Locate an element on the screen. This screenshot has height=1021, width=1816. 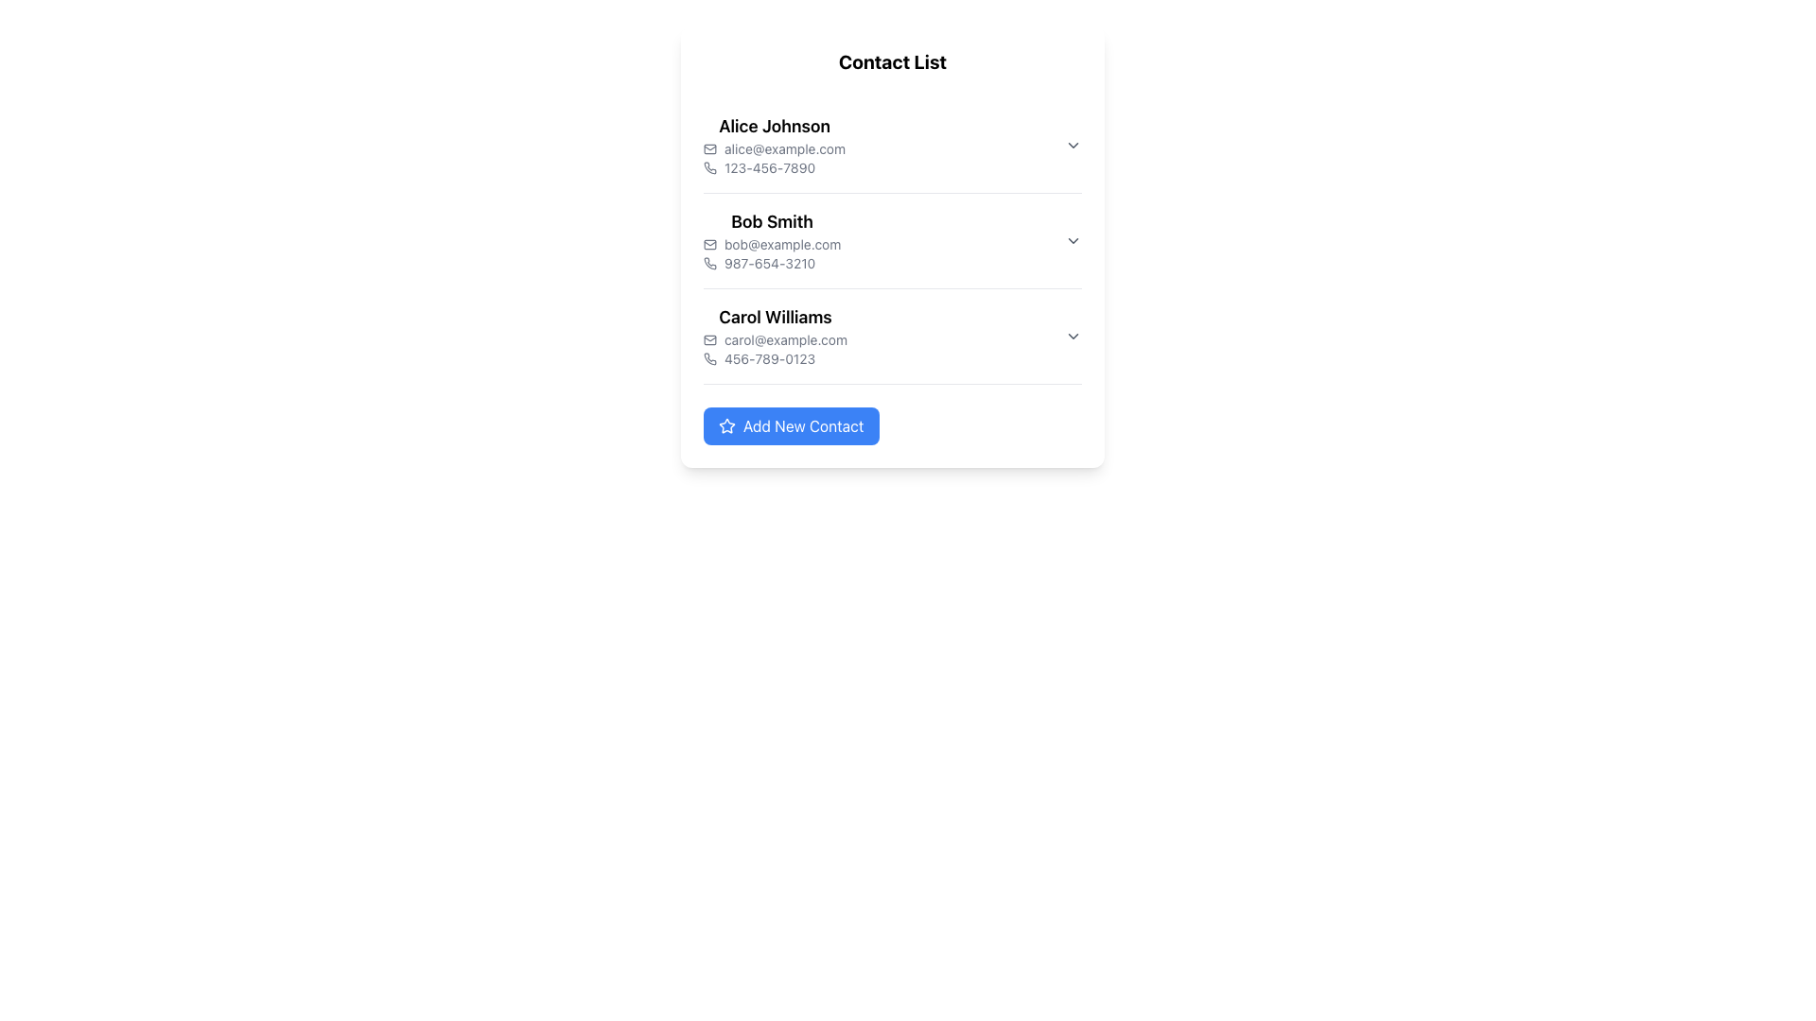
the blue rectangular button labeled 'Add New Contact' with a white star icon is located at coordinates (791, 426).